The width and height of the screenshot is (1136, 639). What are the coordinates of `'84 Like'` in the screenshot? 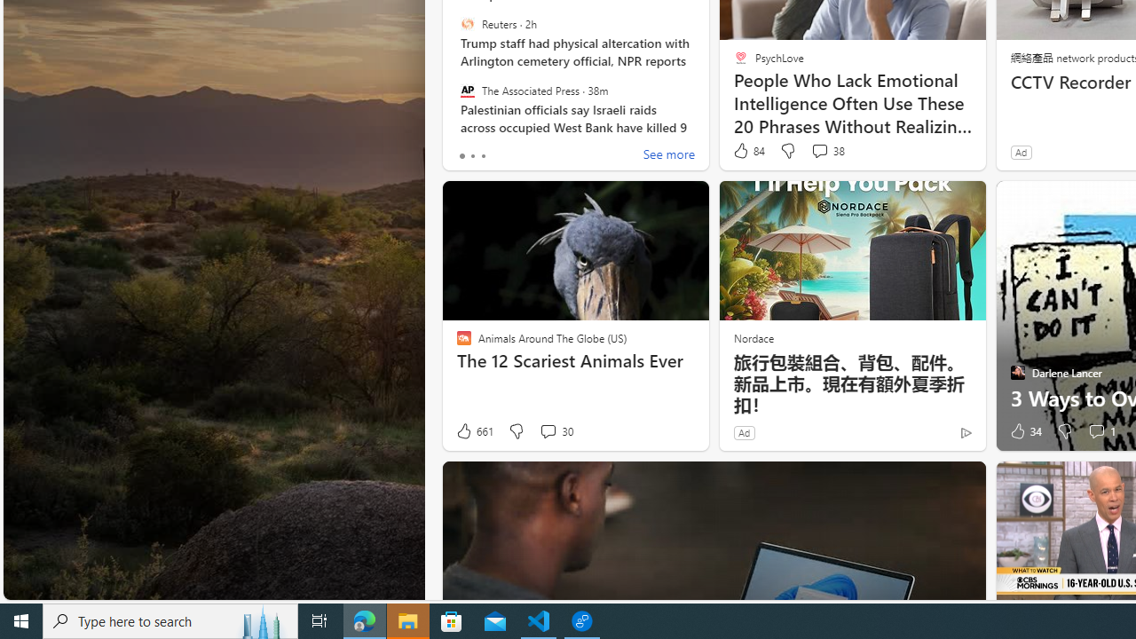 It's located at (748, 150).